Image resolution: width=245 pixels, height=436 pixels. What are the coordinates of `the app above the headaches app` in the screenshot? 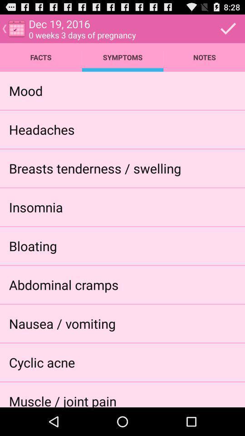 It's located at (26, 90).